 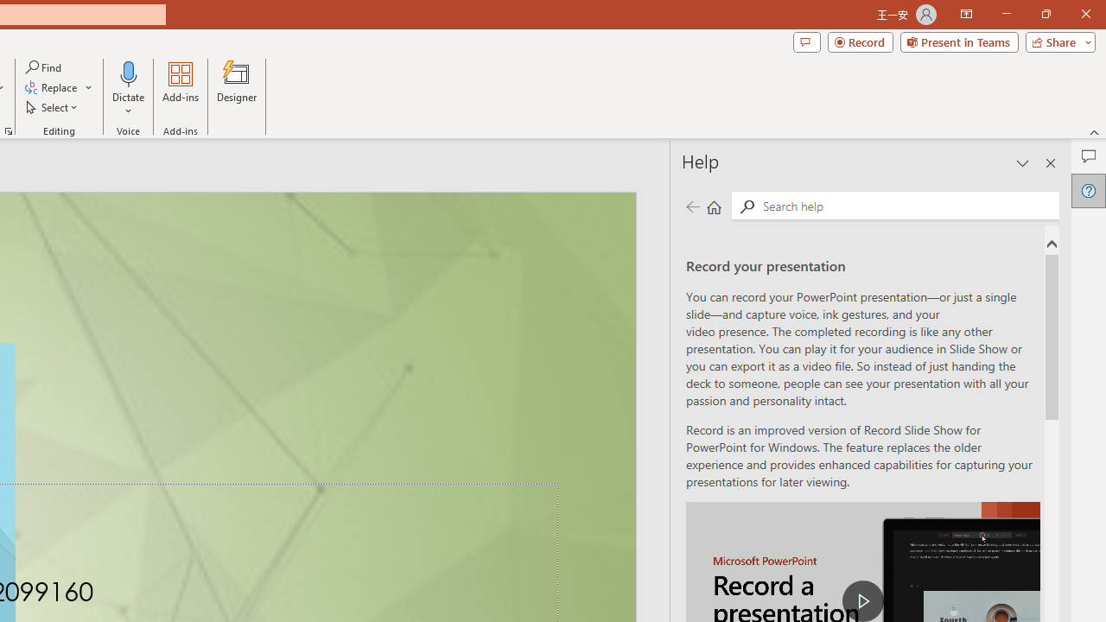 I want to click on 'Designer', so click(x=236, y=89).